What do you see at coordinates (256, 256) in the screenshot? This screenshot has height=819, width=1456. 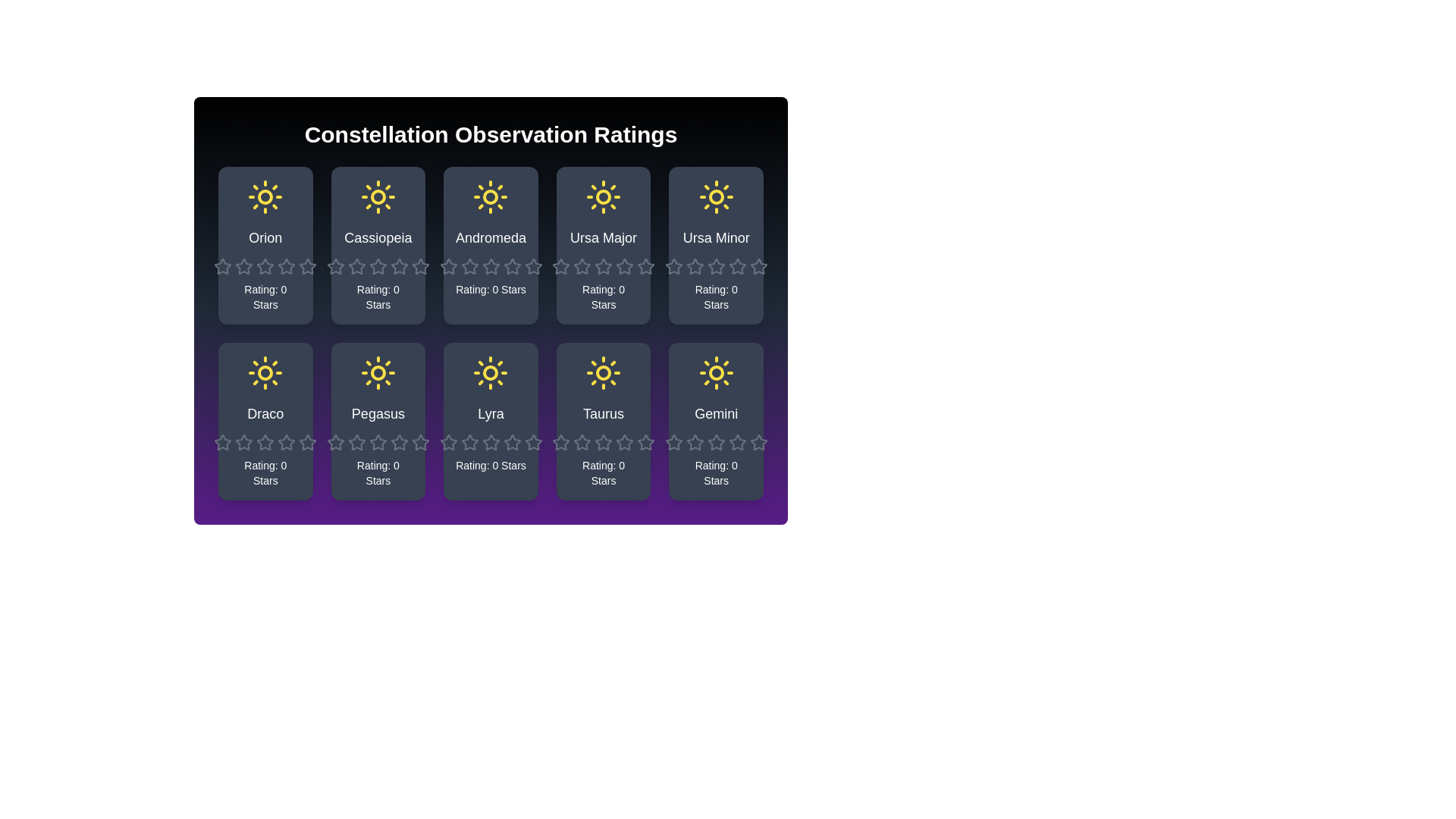 I see `the rating of a constellation to 3 stars by clicking on the corresponding star` at bounding box center [256, 256].